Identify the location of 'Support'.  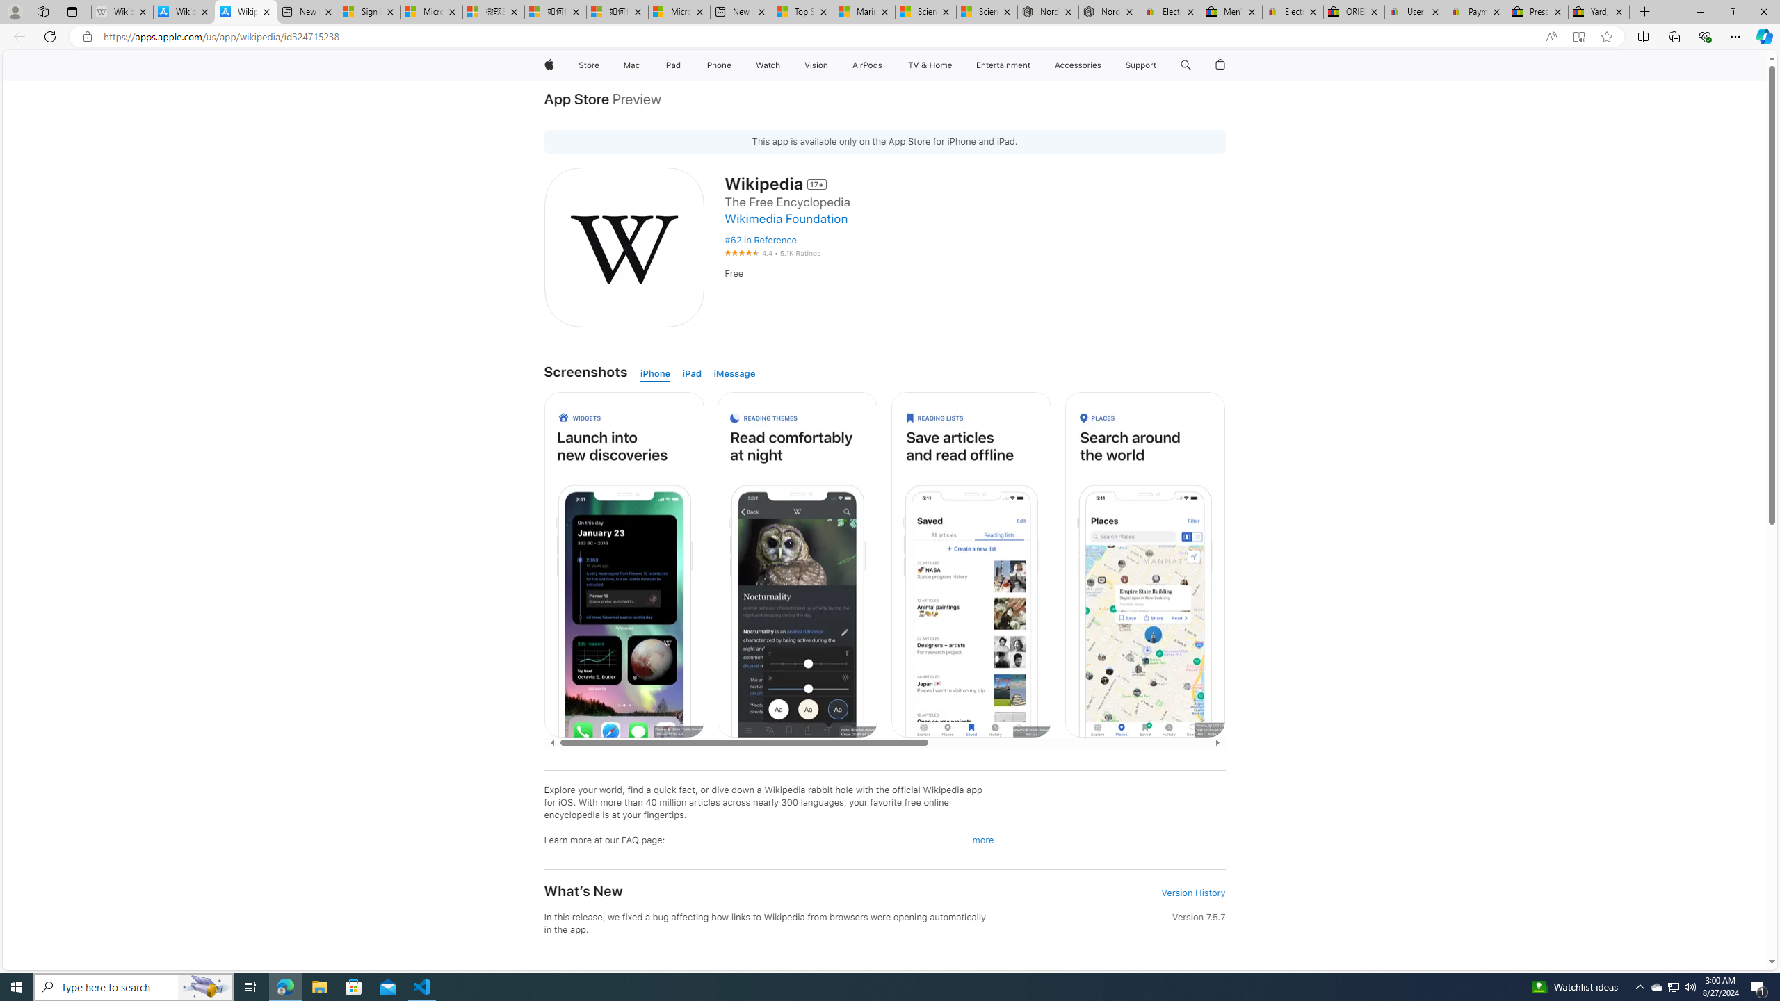
(1140, 65).